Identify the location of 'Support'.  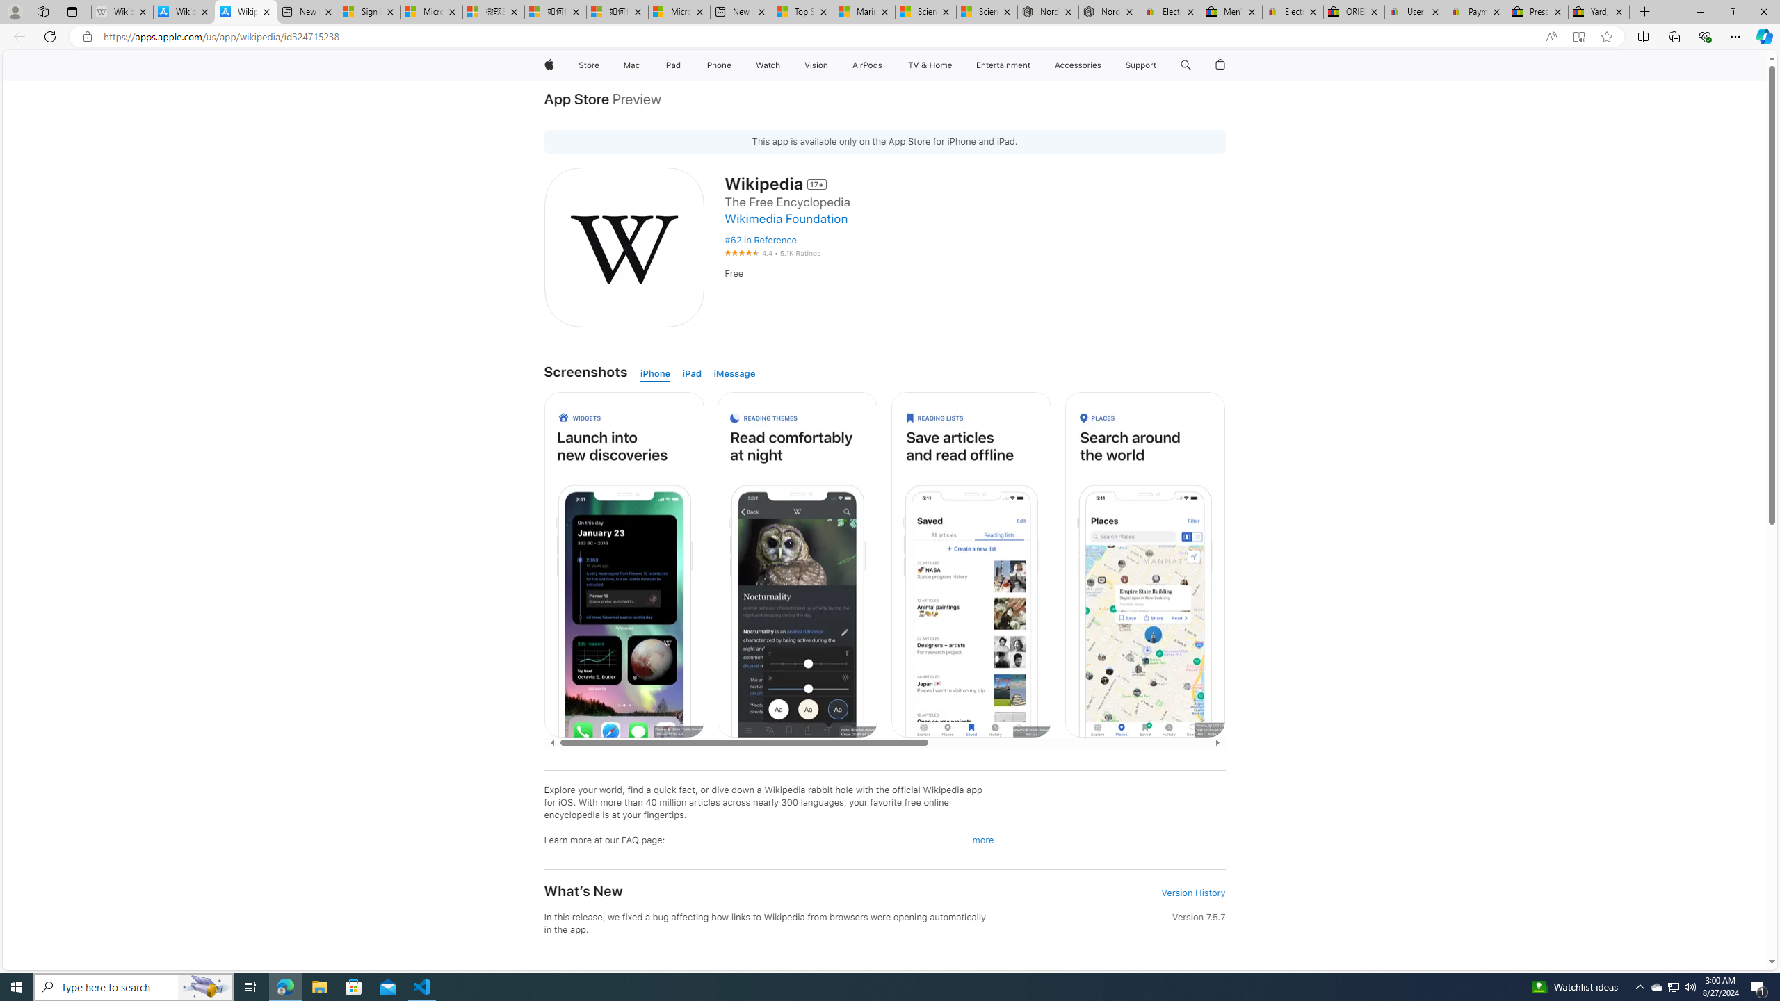
(1140, 65).